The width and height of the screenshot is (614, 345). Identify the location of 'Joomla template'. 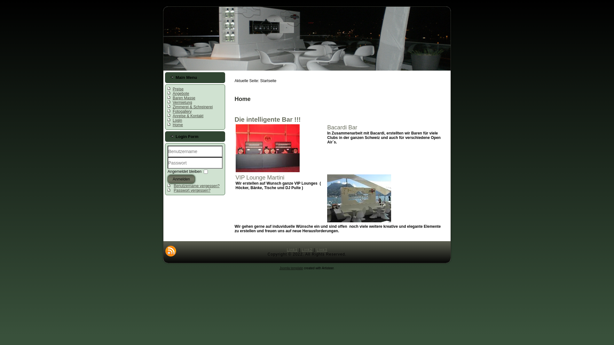
(279, 268).